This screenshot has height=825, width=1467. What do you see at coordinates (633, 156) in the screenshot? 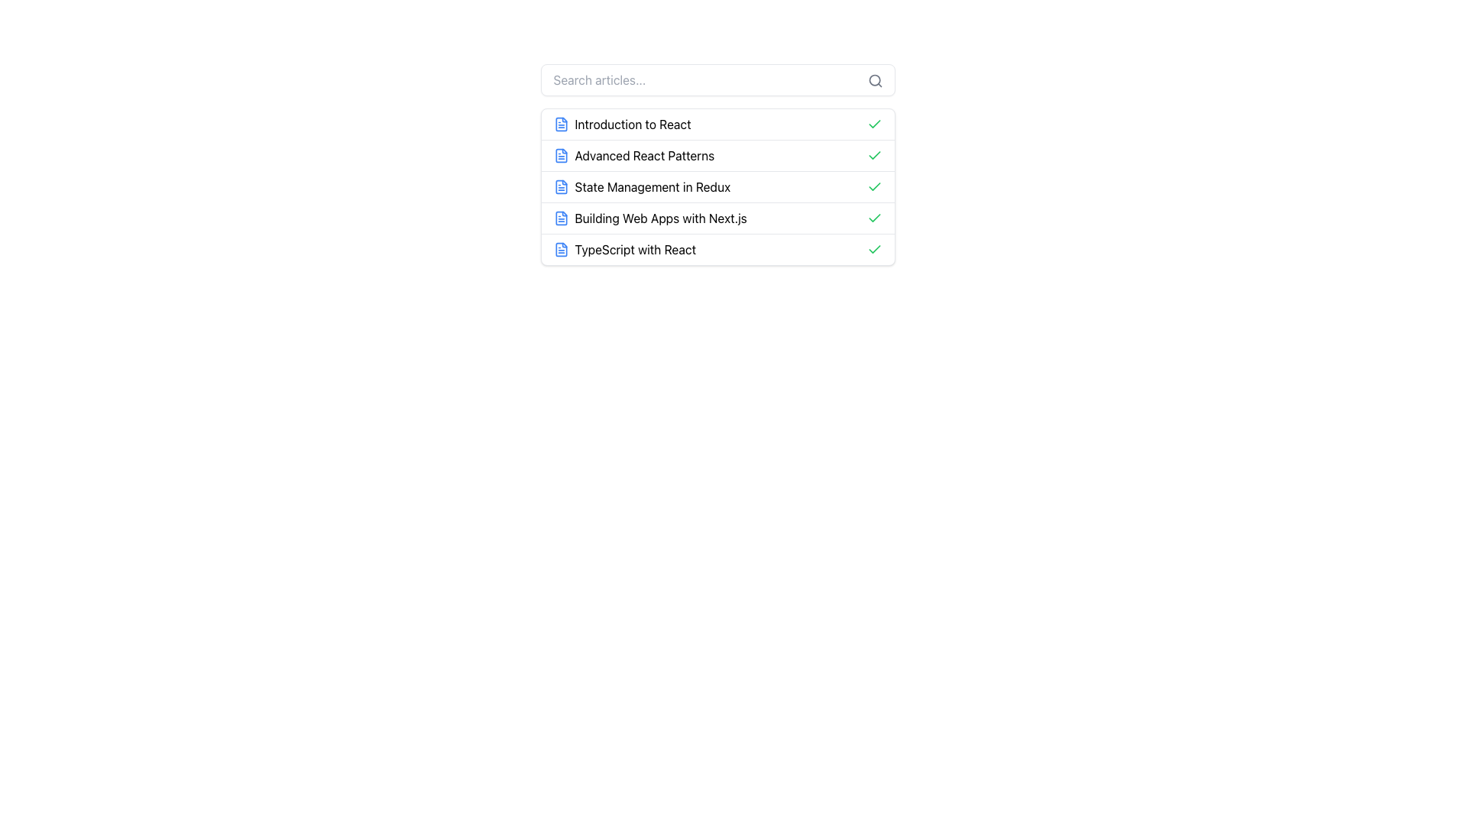
I see `the 'Advanced React Patterns' list item, which is the second row in the list` at bounding box center [633, 156].